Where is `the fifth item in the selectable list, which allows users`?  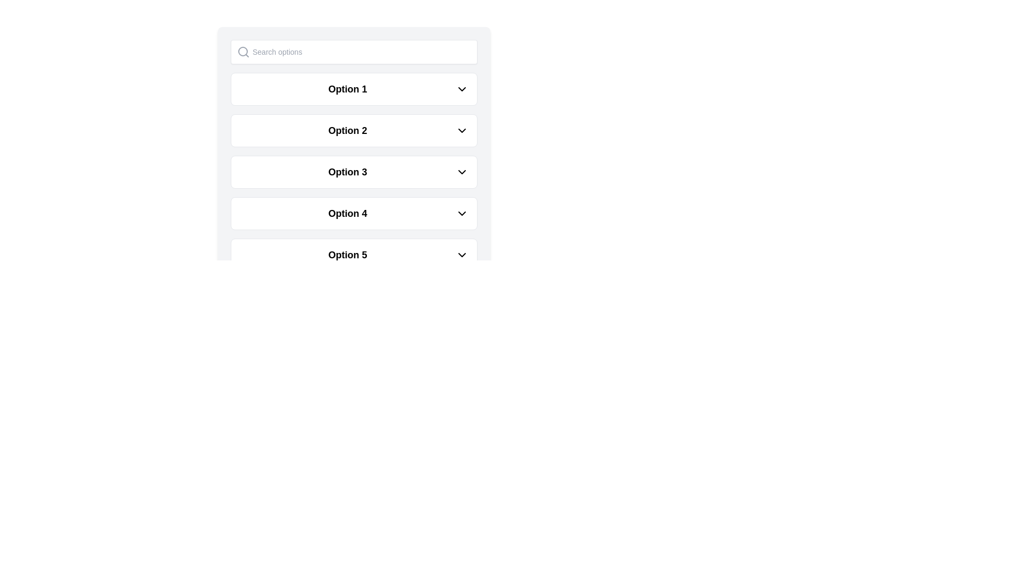 the fifth item in the selectable list, which allows users is located at coordinates (347, 255).